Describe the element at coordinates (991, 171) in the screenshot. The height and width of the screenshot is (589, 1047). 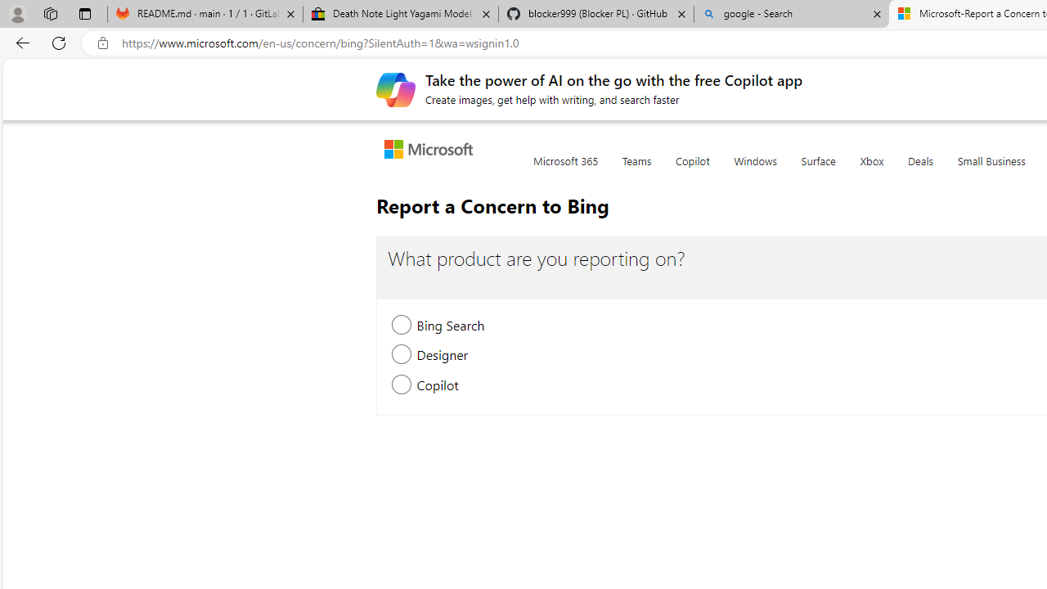
I see `'Small Business'` at that location.